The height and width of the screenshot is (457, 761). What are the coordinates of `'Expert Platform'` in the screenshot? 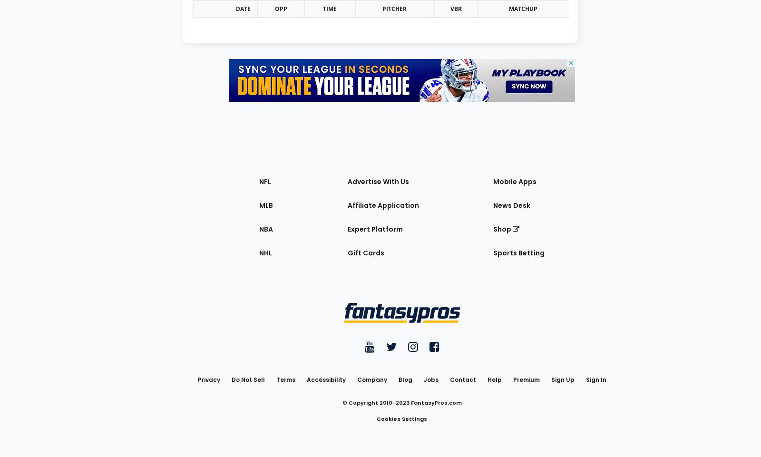 It's located at (347, 228).